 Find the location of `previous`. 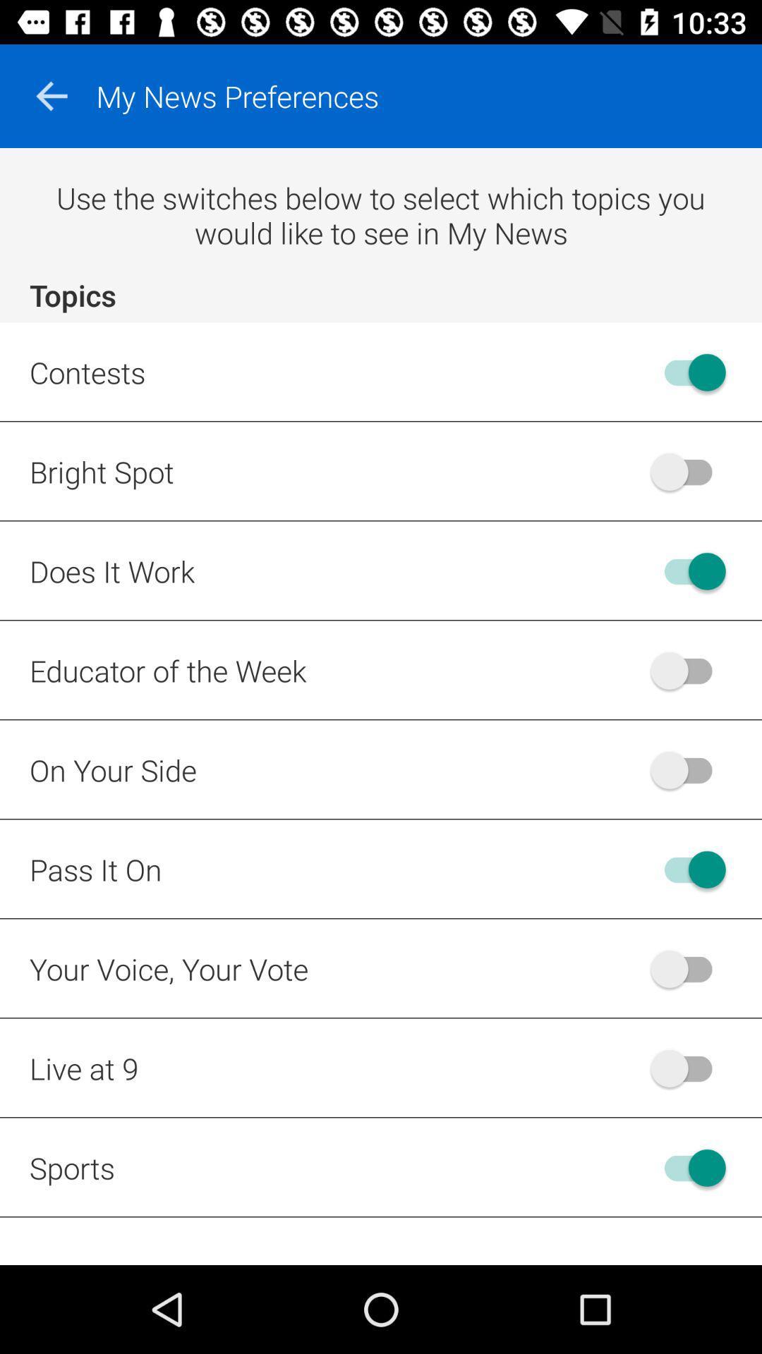

previous is located at coordinates (51, 95).